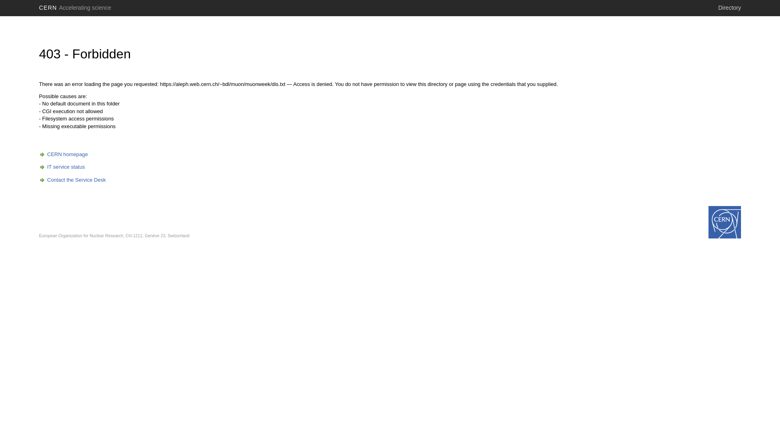  I want to click on 'CERN Accelerating science', so click(75, 8).